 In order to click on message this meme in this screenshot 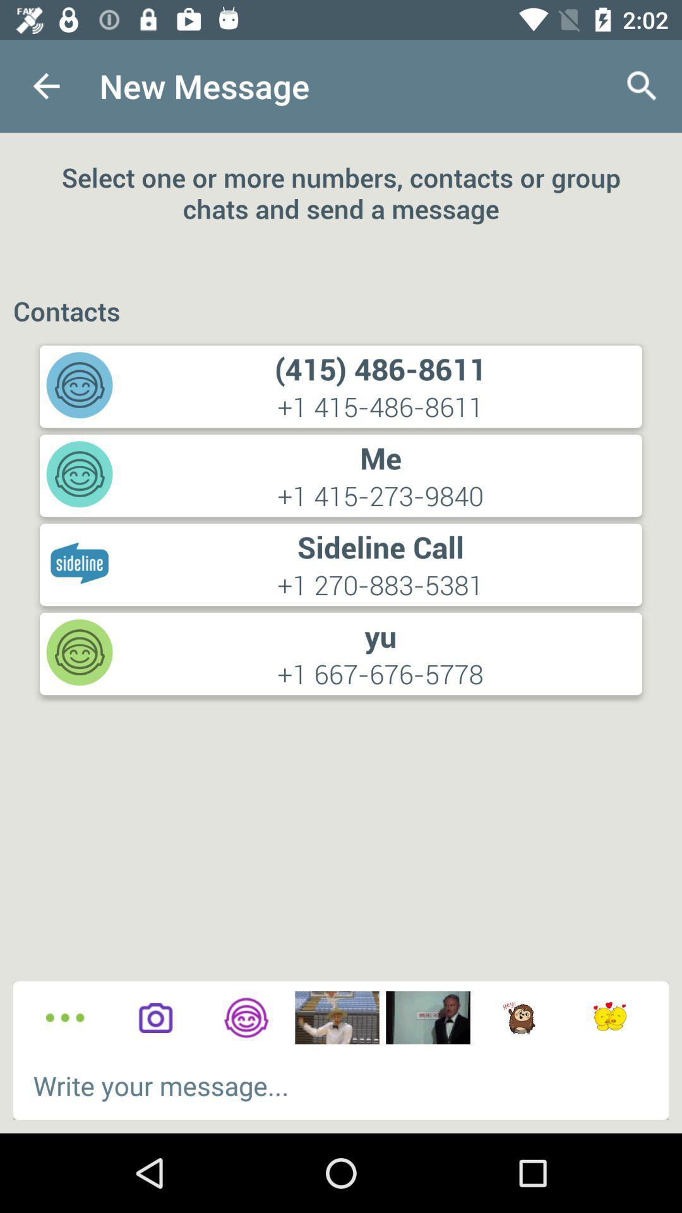, I will do `click(336, 1018)`.